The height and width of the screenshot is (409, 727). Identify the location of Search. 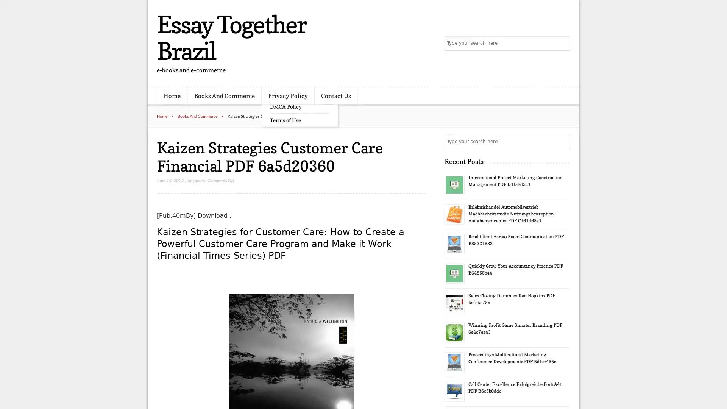
(562, 142).